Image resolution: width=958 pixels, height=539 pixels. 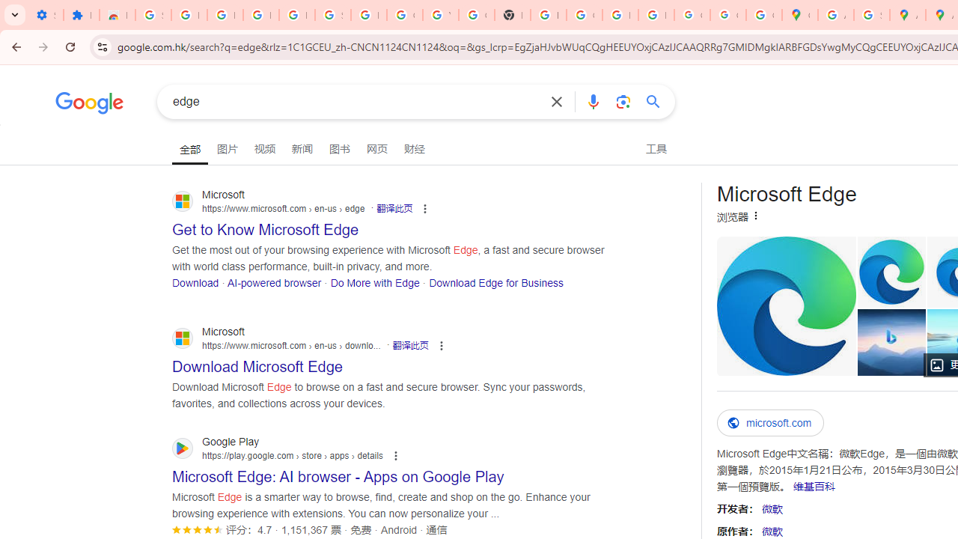 What do you see at coordinates (260, 15) in the screenshot?
I see `'Learn how to find your photos - Google Photos Help'` at bounding box center [260, 15].